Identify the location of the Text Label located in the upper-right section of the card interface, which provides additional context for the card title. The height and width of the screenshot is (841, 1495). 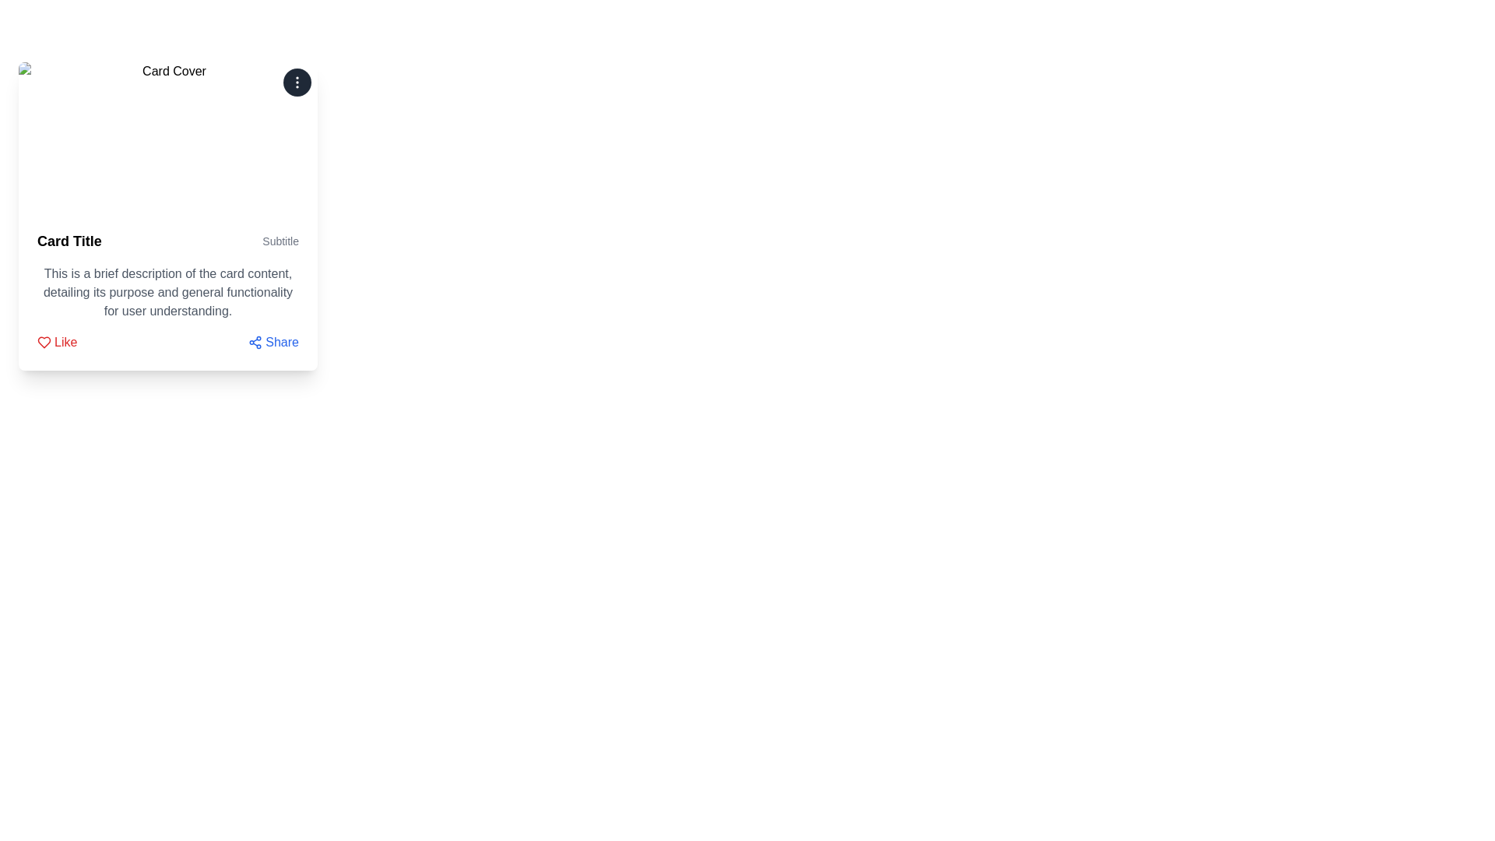
(280, 241).